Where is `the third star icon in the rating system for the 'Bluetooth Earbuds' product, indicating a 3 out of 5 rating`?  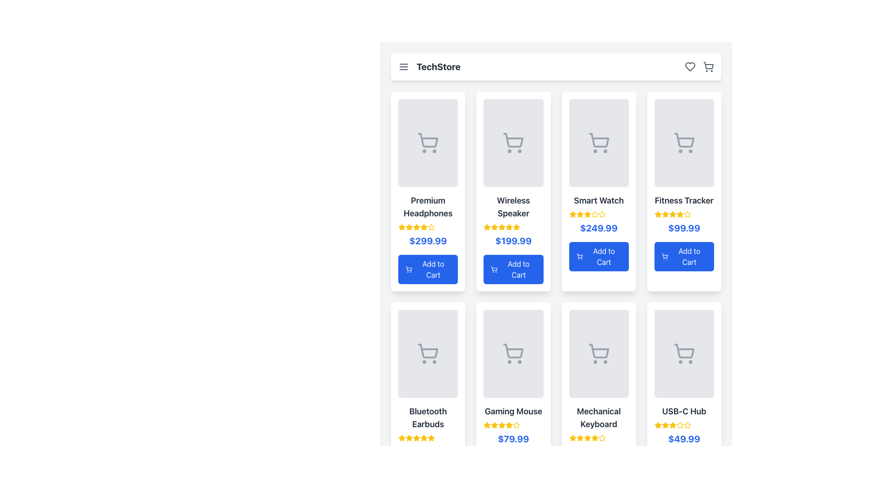
the third star icon in the rating system for the 'Bluetooth Earbuds' product, indicating a 3 out of 5 rating is located at coordinates (408, 438).